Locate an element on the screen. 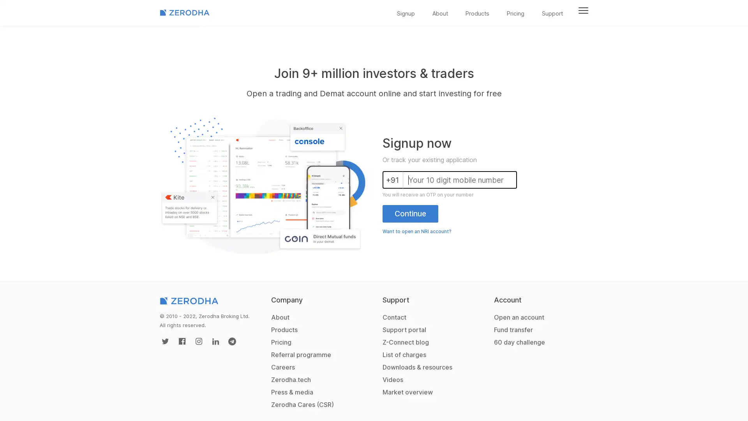 The width and height of the screenshot is (748, 421). Continue is located at coordinates (410, 213).